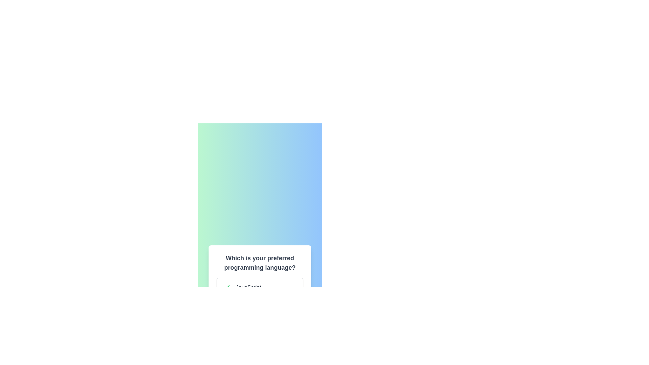 Image resolution: width=649 pixels, height=365 pixels. What do you see at coordinates (226, 288) in the screenshot?
I see `the visual status of the green checkmark icon next to the 'JavaScript' text, which indicates the selection of this option` at bounding box center [226, 288].